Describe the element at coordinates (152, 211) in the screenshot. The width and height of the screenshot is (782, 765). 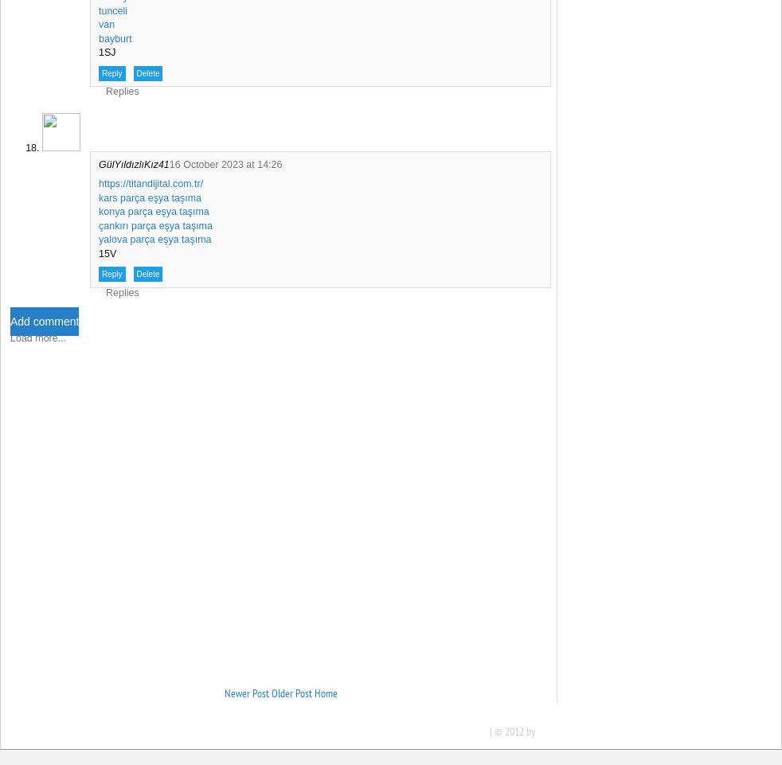
I see `'konya parça eşya taşıma'` at that location.